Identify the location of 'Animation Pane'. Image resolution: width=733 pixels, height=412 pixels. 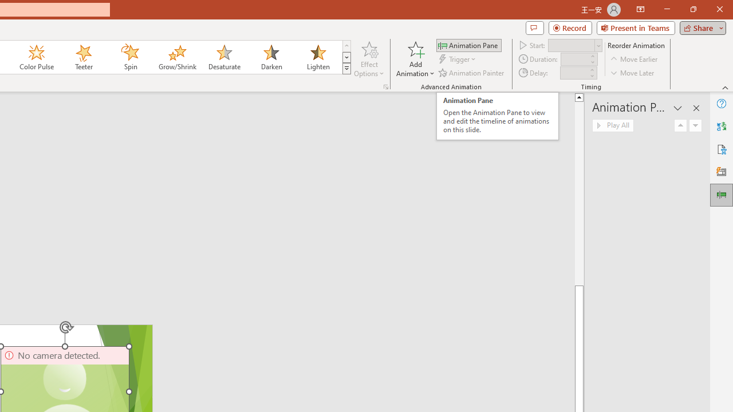
(468, 45).